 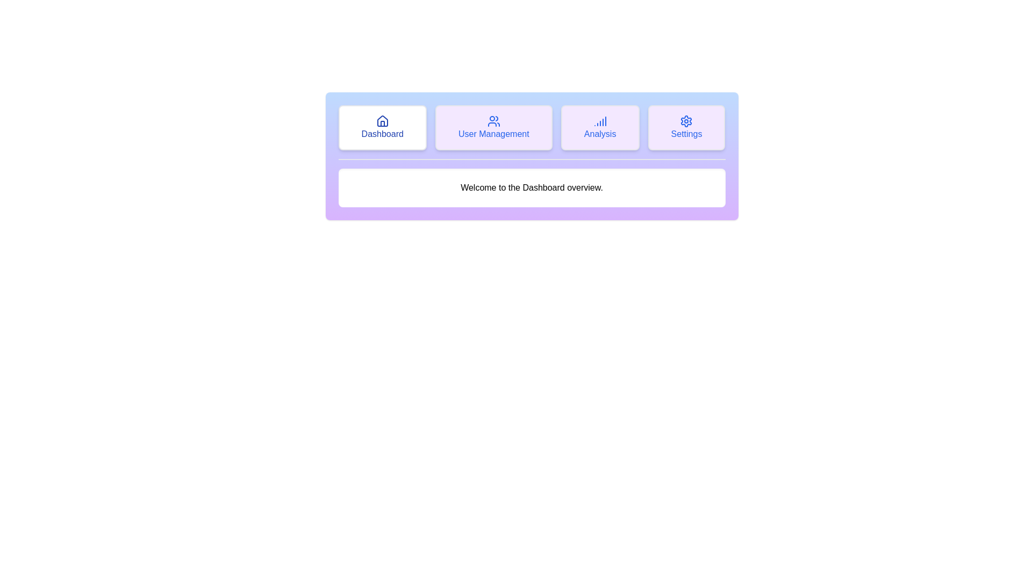 I want to click on the gear-shaped icon within the 'Settings' button located at the top-right of the button row, so click(x=686, y=121).